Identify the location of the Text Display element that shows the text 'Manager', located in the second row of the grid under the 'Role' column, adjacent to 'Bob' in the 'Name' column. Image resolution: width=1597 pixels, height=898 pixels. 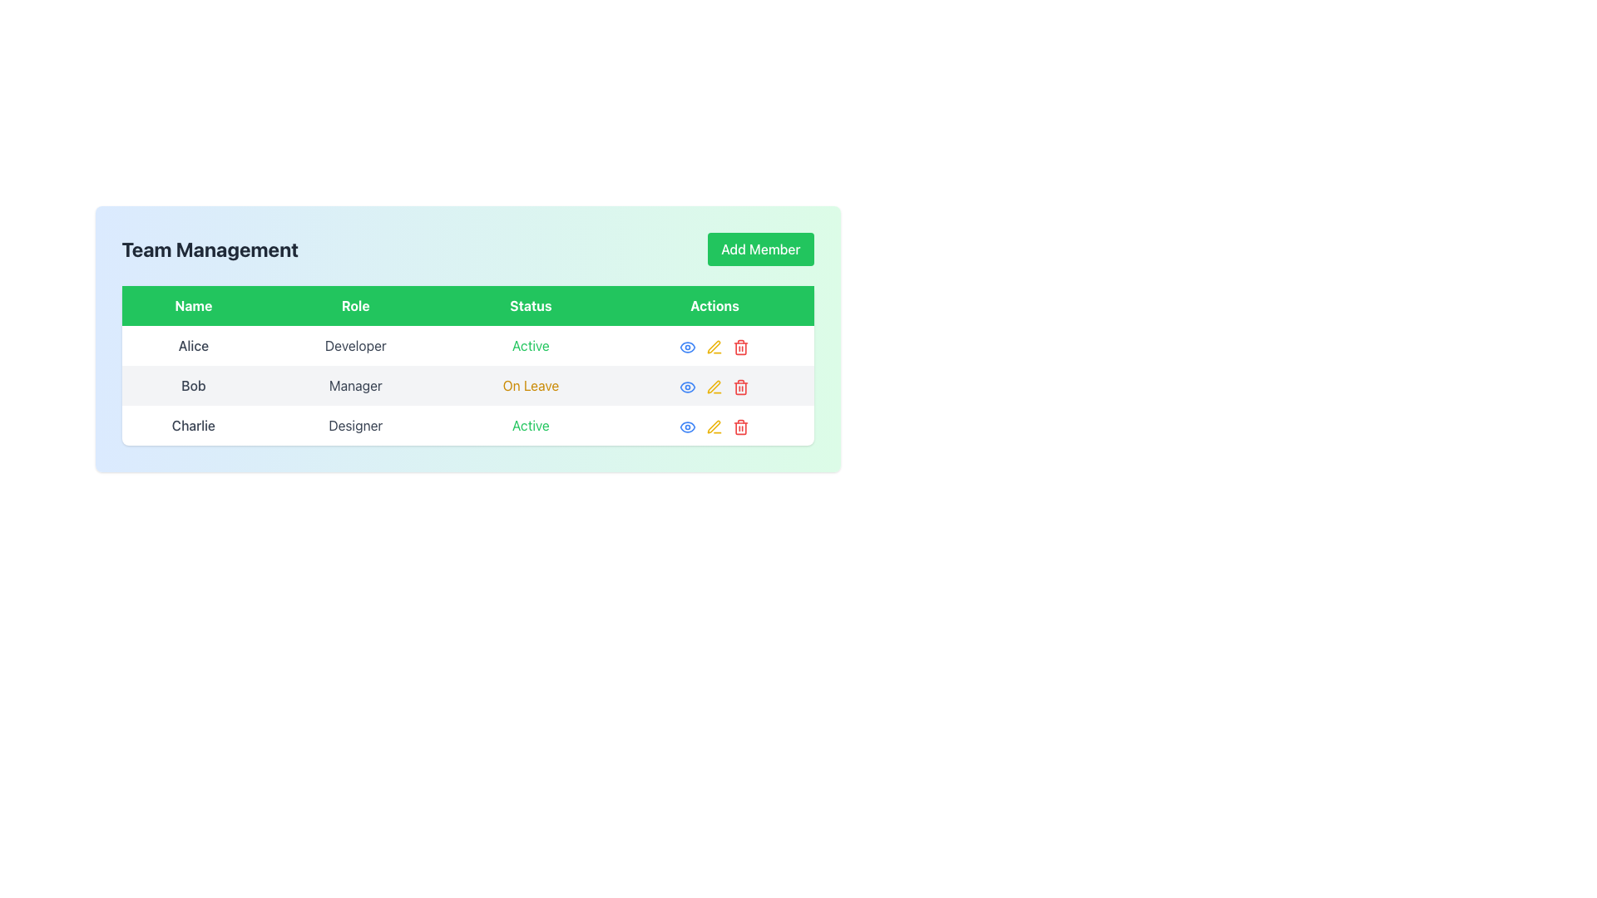
(354, 385).